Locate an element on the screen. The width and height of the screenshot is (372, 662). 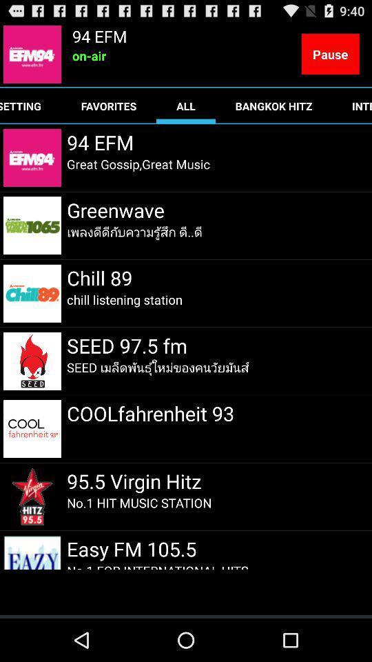
item to the left of all icon is located at coordinates (108, 105).